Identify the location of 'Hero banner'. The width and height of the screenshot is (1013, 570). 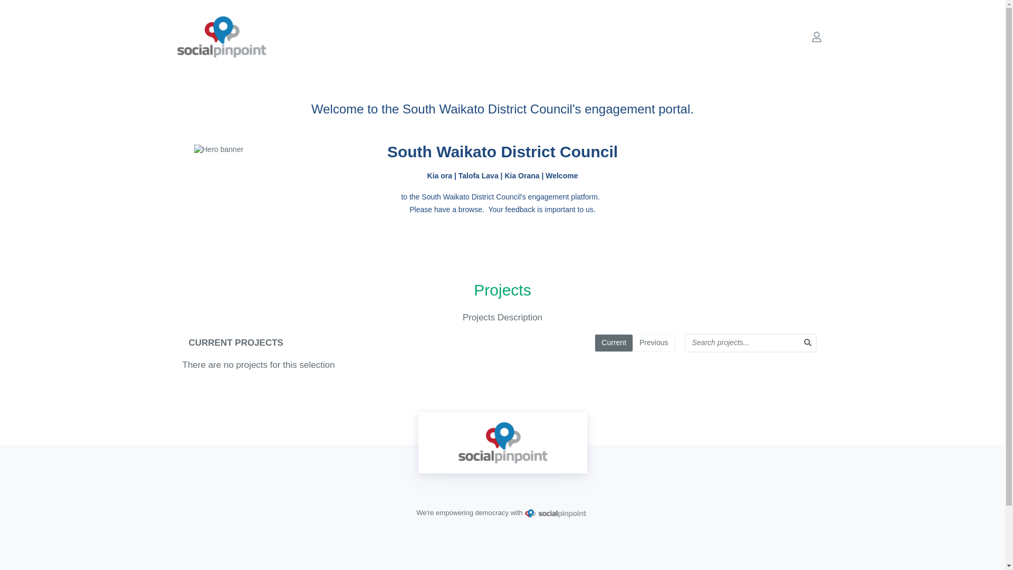
(502, 150).